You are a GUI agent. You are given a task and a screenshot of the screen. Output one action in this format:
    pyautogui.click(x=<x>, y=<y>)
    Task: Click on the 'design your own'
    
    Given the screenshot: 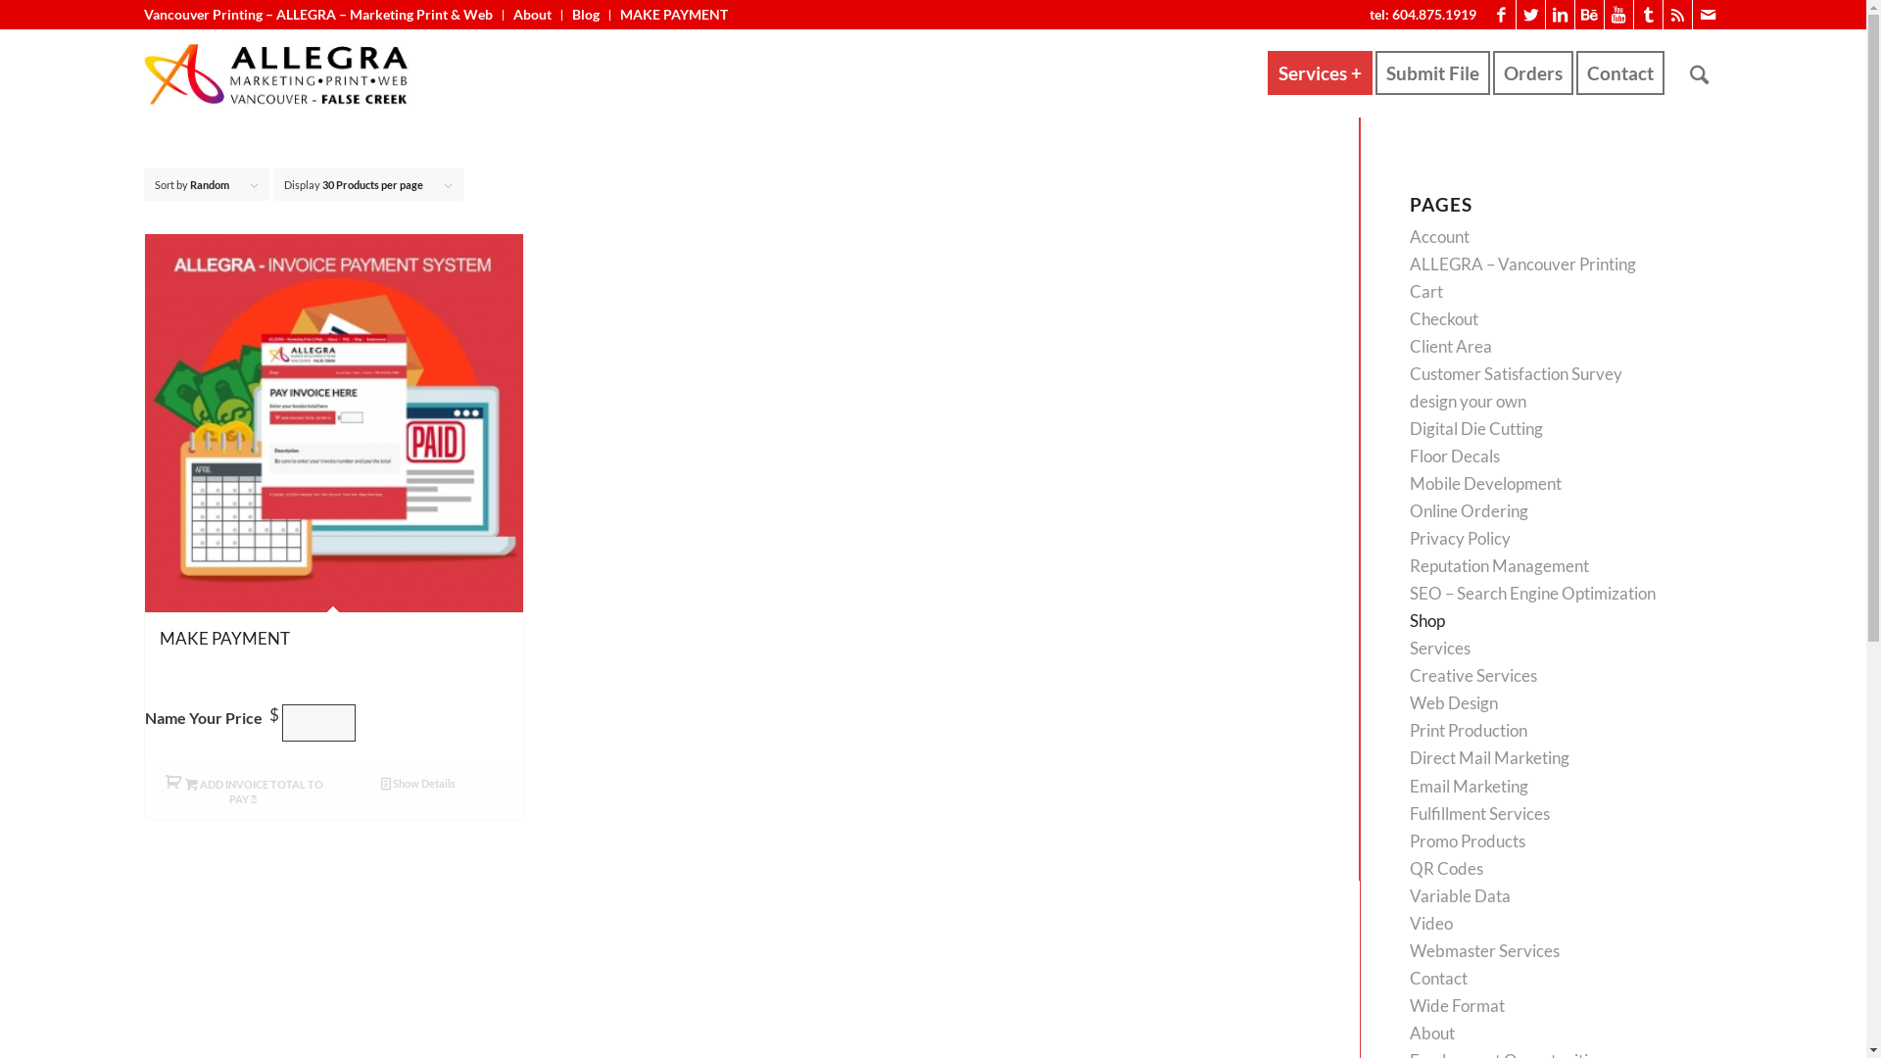 What is the action you would take?
    pyautogui.click(x=1468, y=400)
    